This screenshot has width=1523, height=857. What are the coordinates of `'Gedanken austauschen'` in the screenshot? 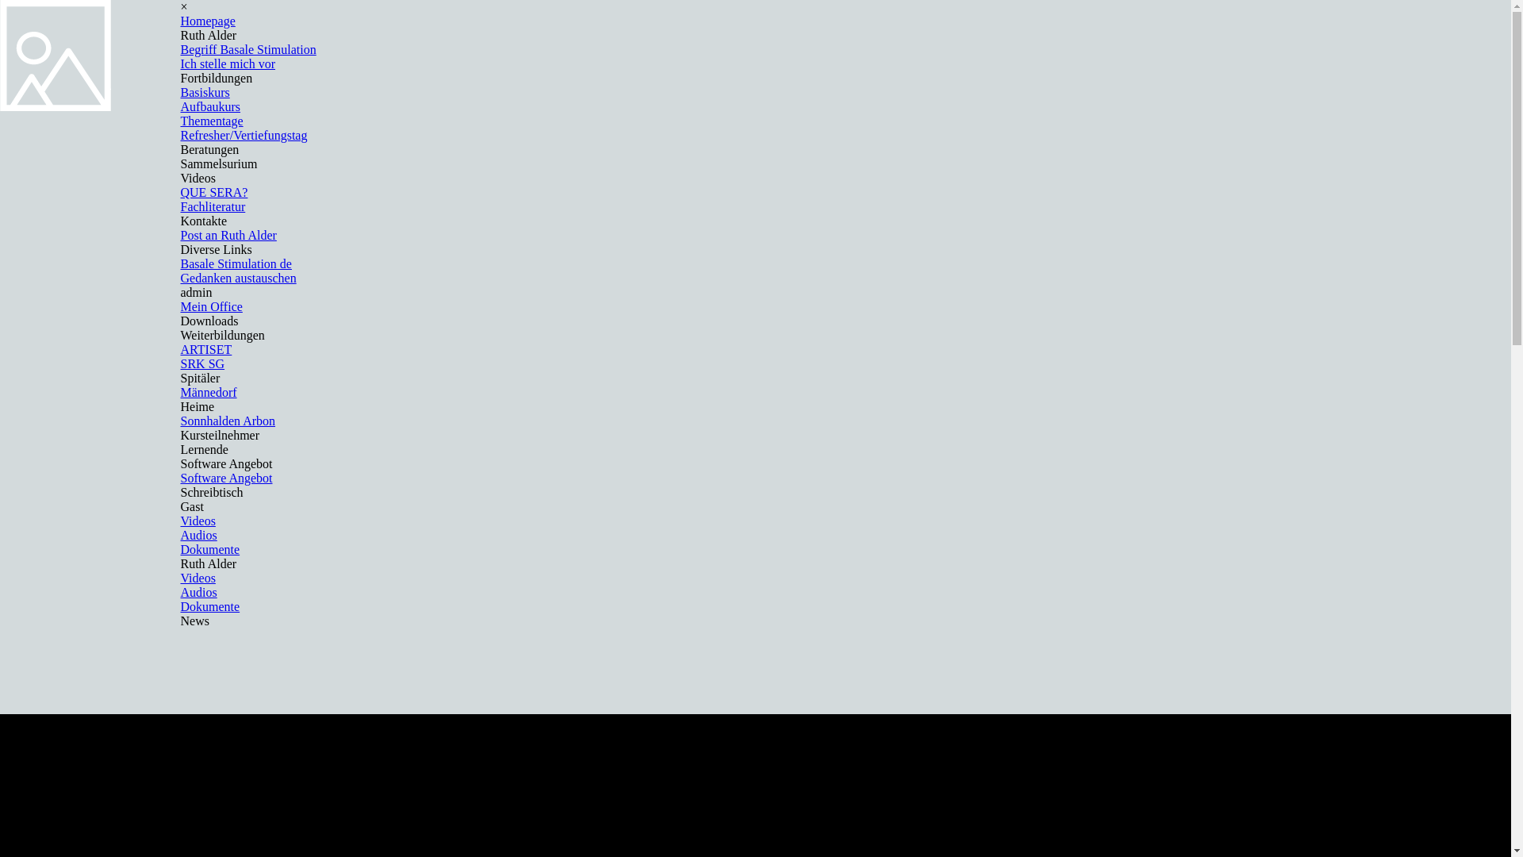 It's located at (238, 277).